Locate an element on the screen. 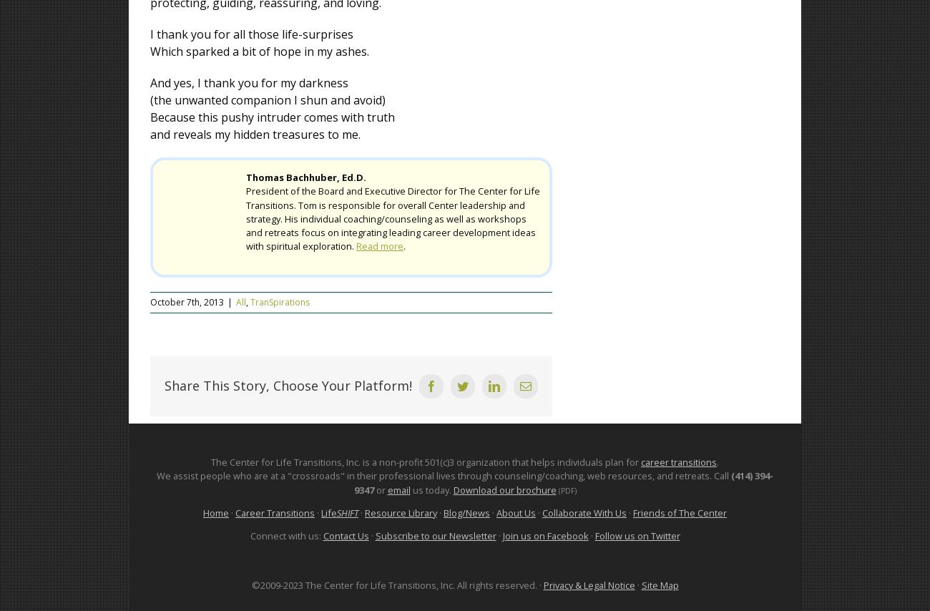  'October 7th, 2013' is located at coordinates (150, 302).